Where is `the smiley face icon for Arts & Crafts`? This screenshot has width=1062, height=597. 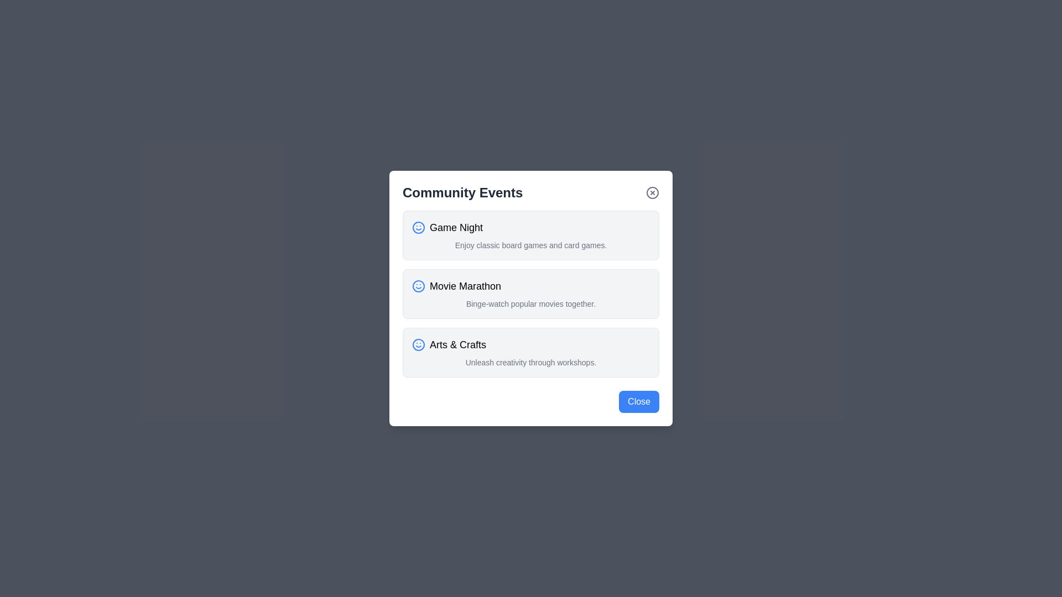
the smiley face icon for Arts & Crafts is located at coordinates (418, 344).